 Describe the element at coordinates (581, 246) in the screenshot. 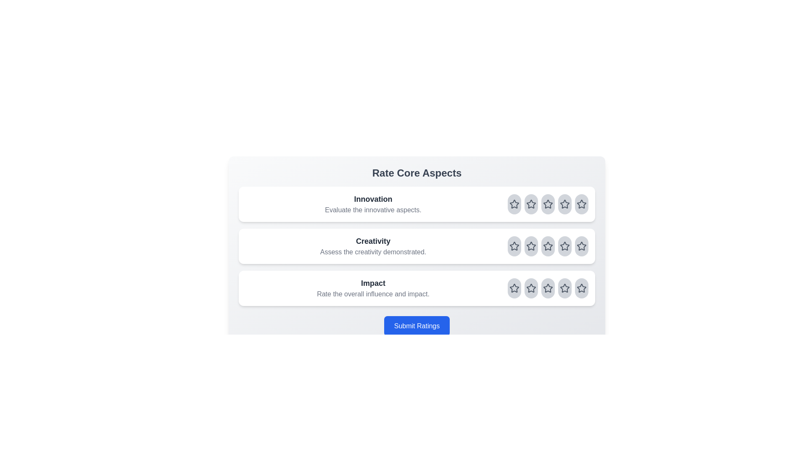

I see `the rating for the aspect Creativity to 5 stars by clicking on the corresponding star` at that location.